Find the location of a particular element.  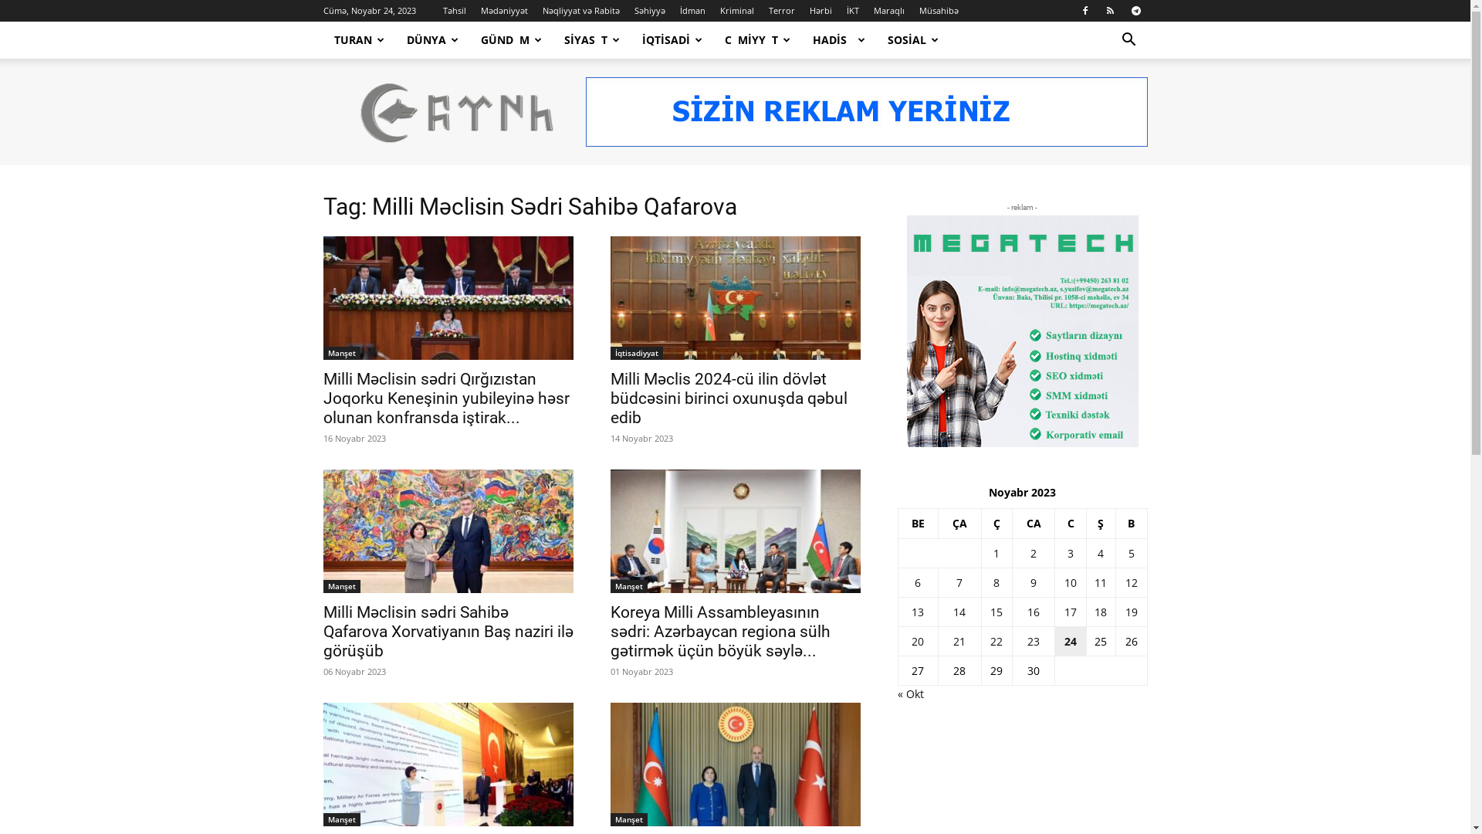

'Terror' is located at coordinates (769, 10).